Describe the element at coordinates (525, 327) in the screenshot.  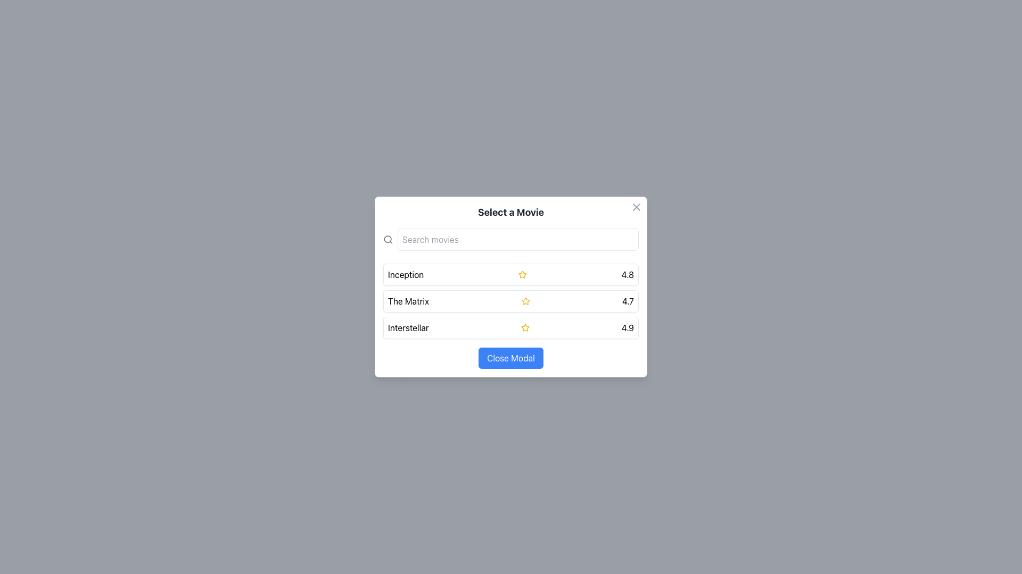
I see `the yellow star icon representing the rating feature for 'Interstellar' in the modal interface` at that location.